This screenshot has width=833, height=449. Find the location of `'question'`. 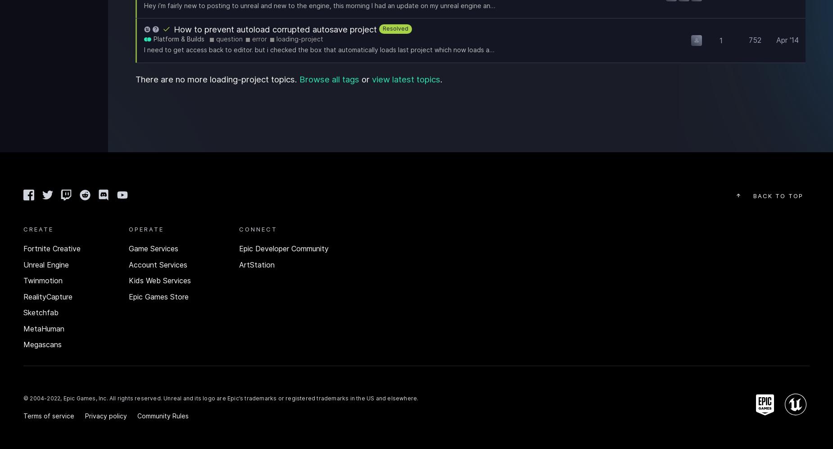

'question' is located at coordinates (229, 39).